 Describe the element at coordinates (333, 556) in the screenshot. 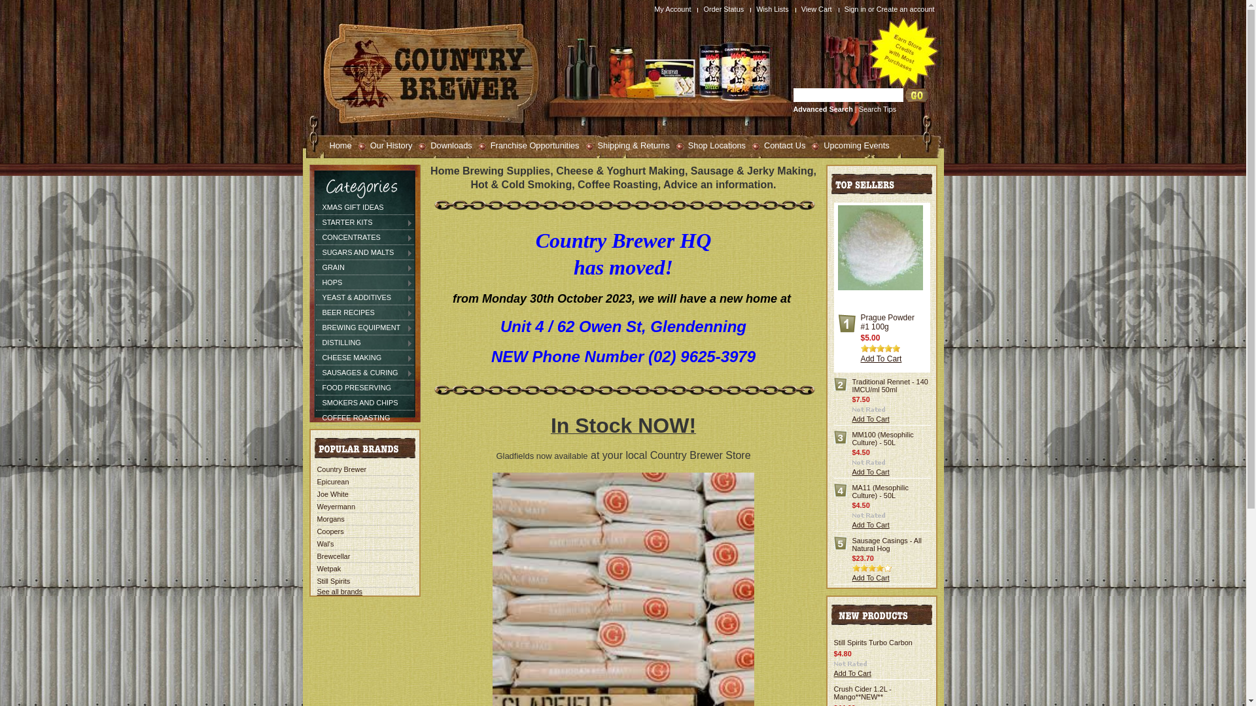

I see `'Brewcellar'` at that location.